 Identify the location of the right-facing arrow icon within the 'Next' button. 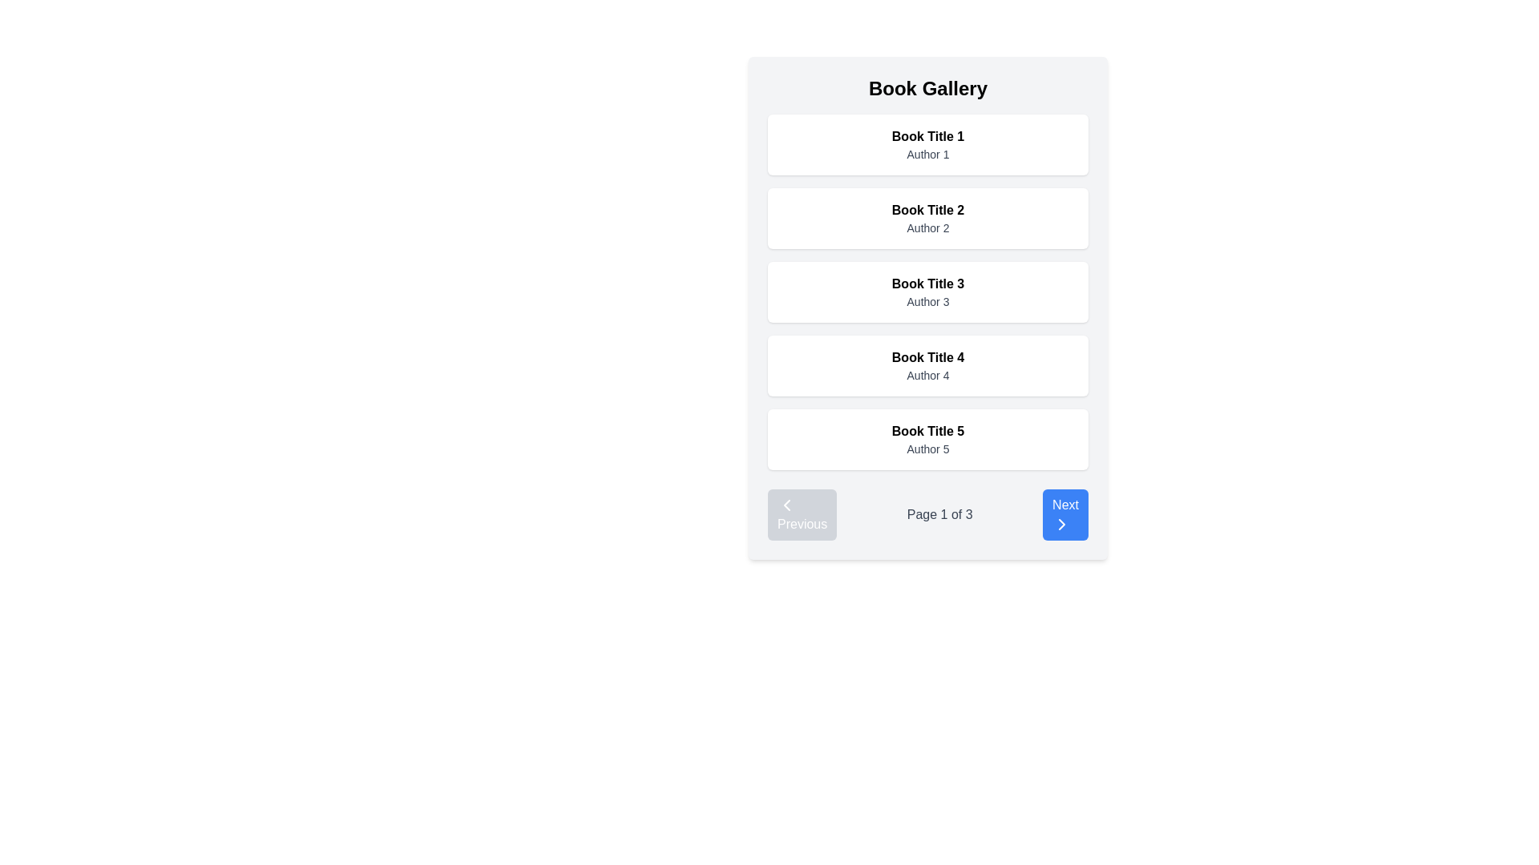
(1061, 525).